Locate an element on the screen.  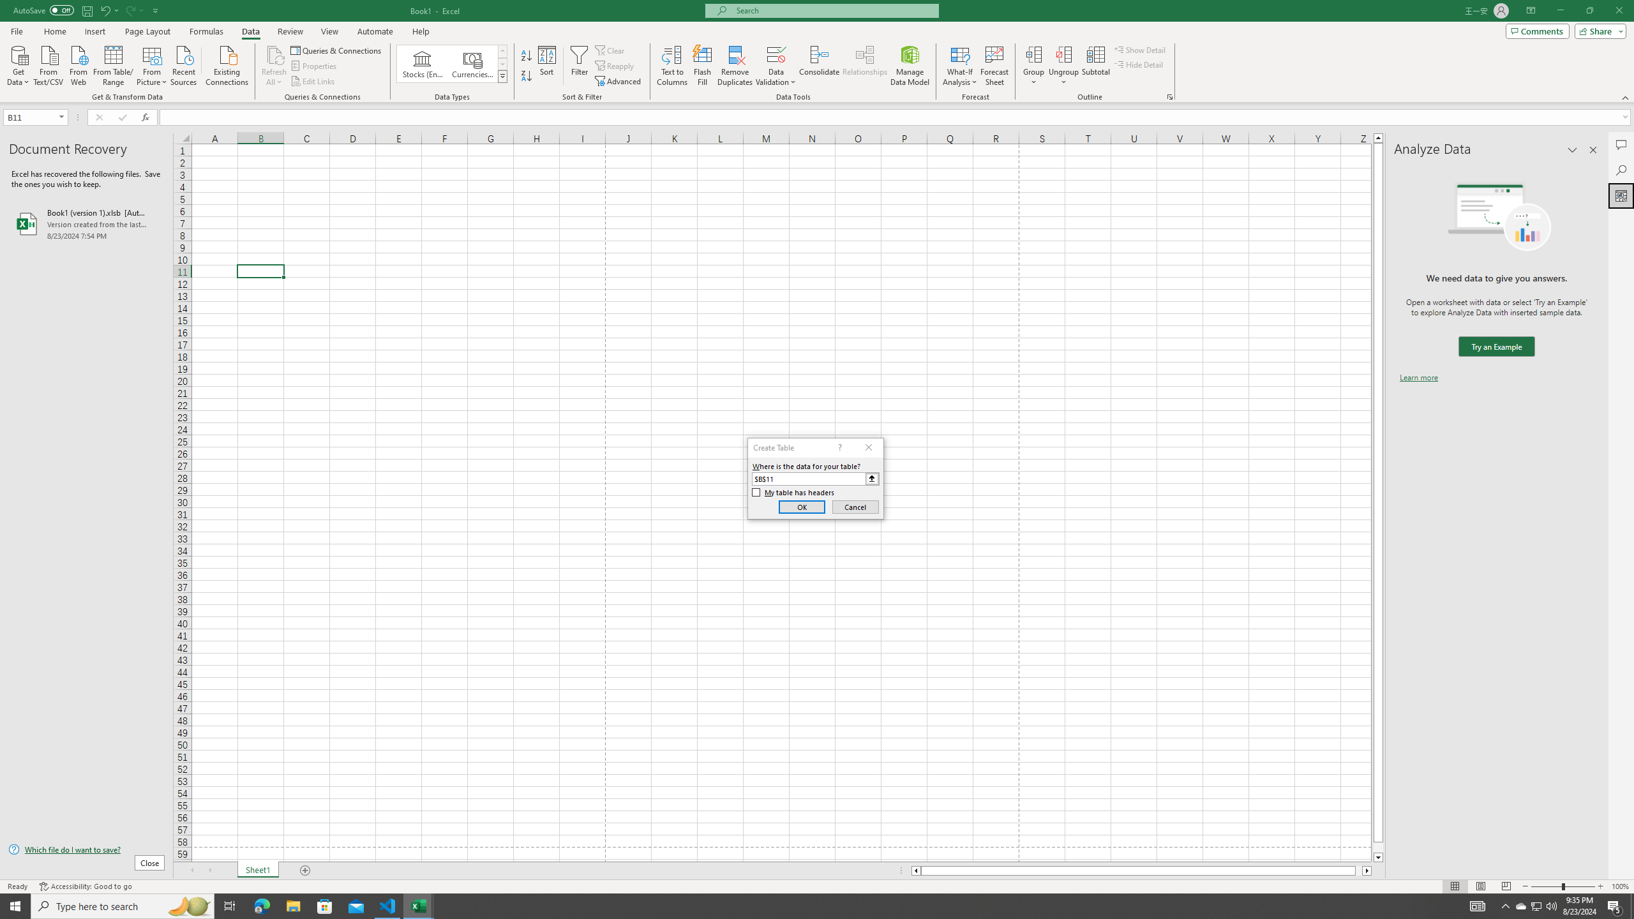
'Subtotal' is located at coordinates (1095, 66).